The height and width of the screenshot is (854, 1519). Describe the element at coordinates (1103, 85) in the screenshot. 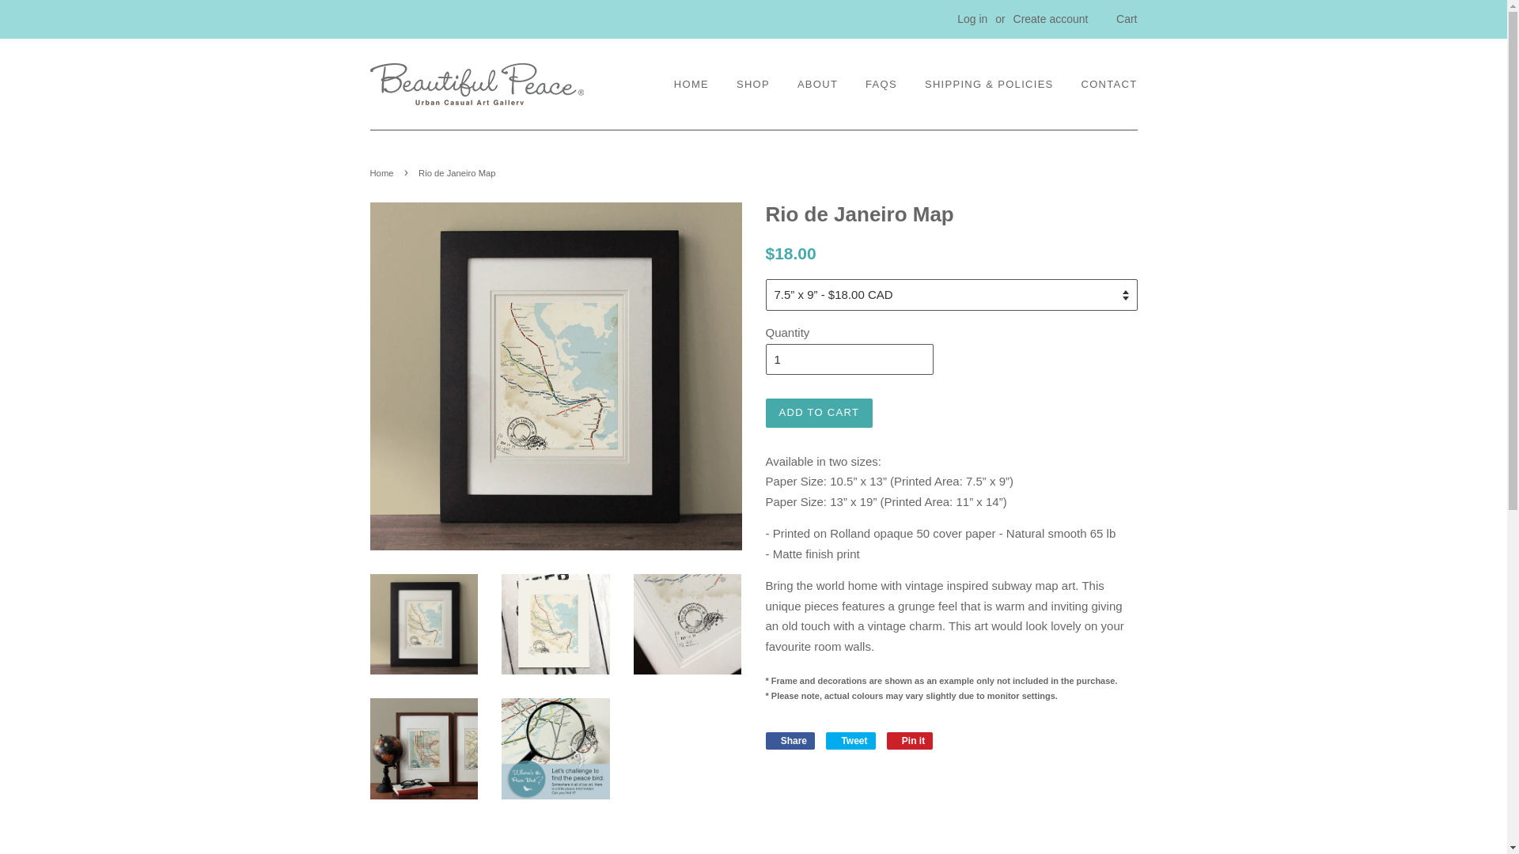

I see `'CONTACT'` at that location.